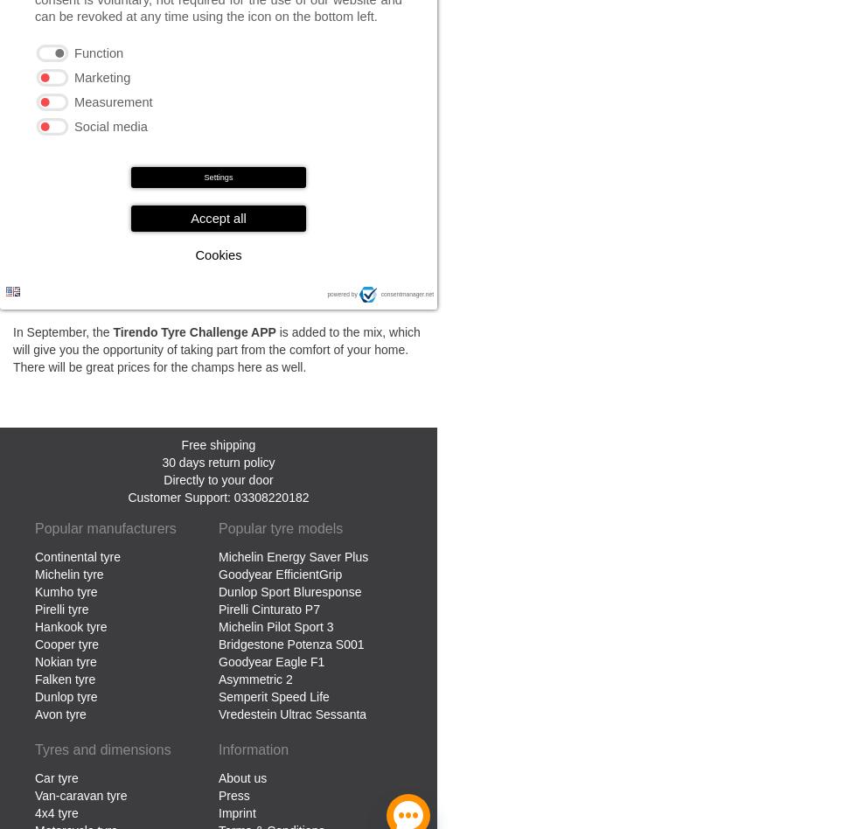 This screenshot has width=850, height=829. What do you see at coordinates (218, 462) in the screenshot?
I see `'30 days return policy'` at bounding box center [218, 462].